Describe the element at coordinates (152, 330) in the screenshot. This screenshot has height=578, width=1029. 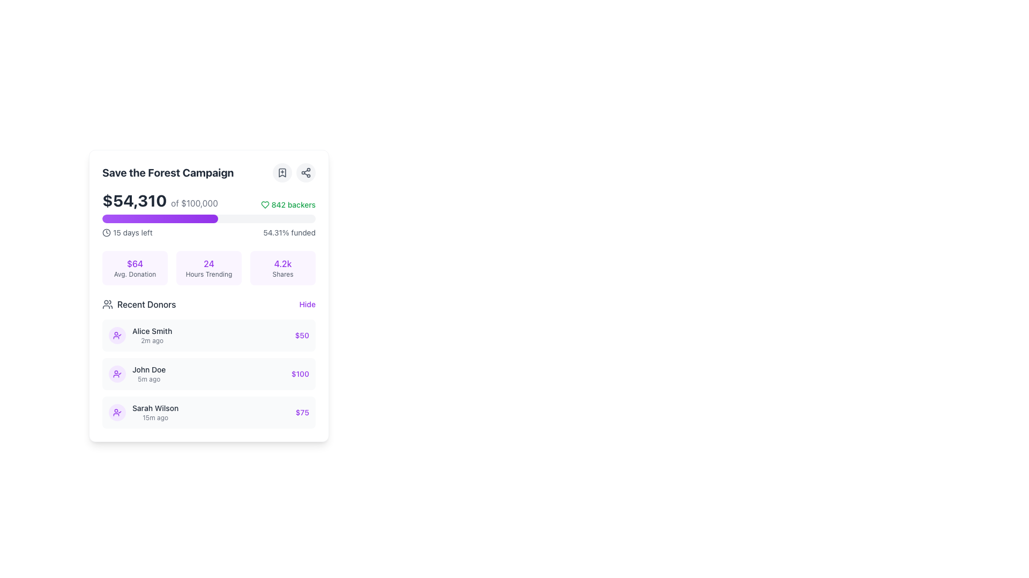
I see `the Text label displaying the name of a user or donor at the top of the 'Recent Donors' list` at that location.